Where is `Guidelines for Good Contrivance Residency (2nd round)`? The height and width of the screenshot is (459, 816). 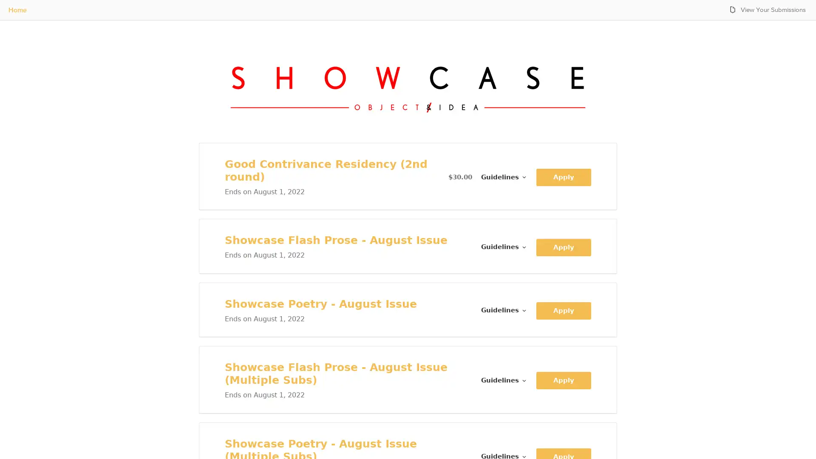 Guidelines for Good Contrivance Residency (2nd round) is located at coordinates (504, 176).